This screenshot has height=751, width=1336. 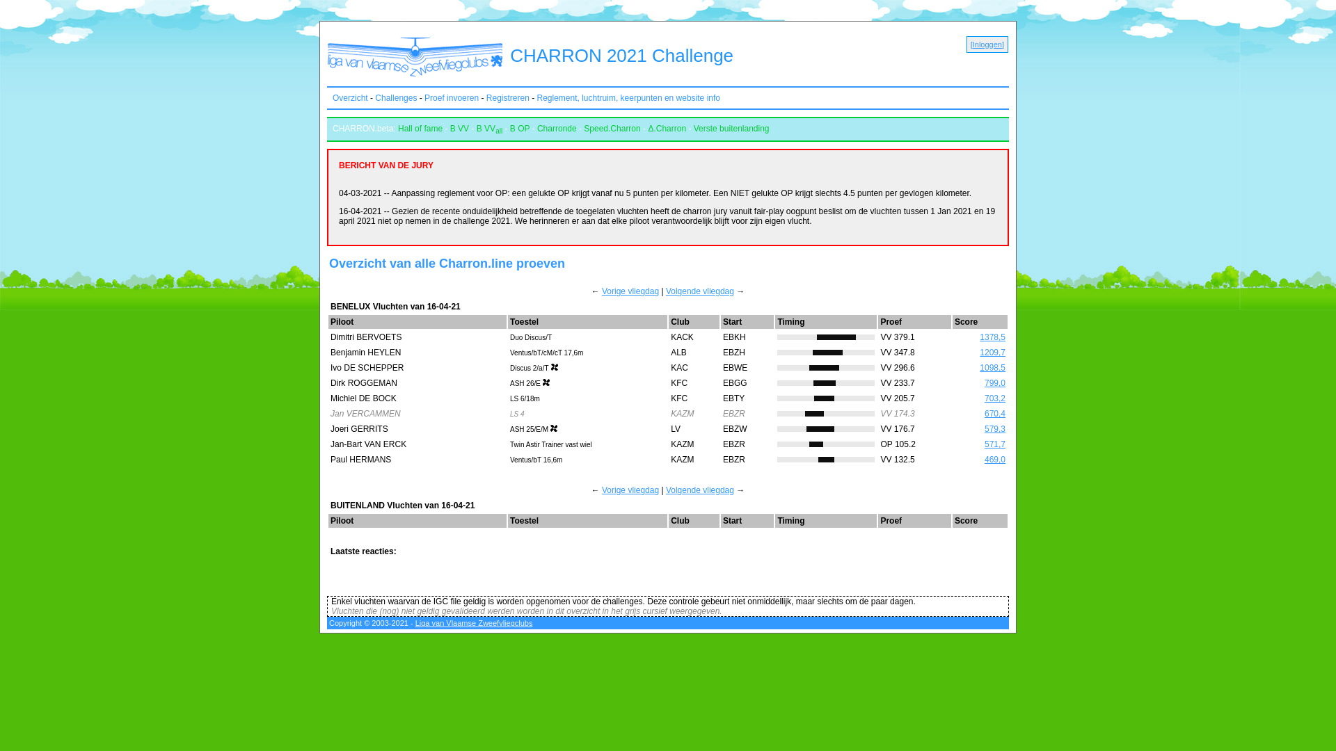 What do you see at coordinates (825, 398) in the screenshot?
I see `'Begin tijdsbalk: 6:00 UTC, Einde tijdsbalk: 20:00 UTC'` at bounding box center [825, 398].